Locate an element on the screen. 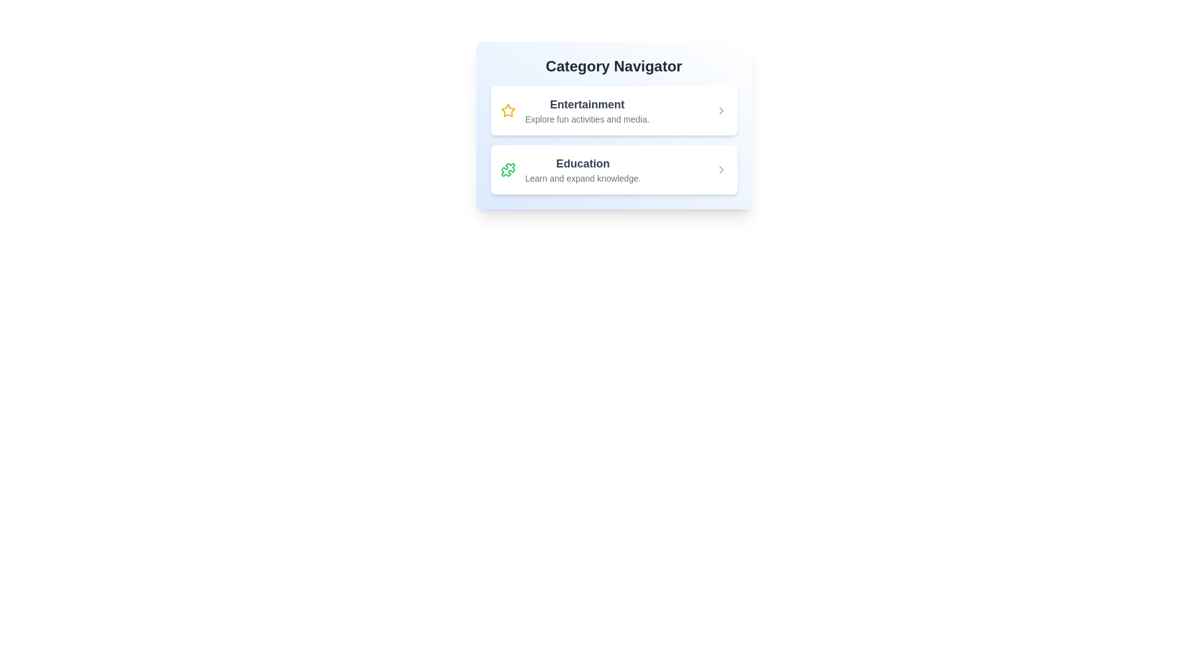 The height and width of the screenshot is (665, 1183). the 'Entertainment' text block in the 'Category Navigator' section is located at coordinates (587, 111).